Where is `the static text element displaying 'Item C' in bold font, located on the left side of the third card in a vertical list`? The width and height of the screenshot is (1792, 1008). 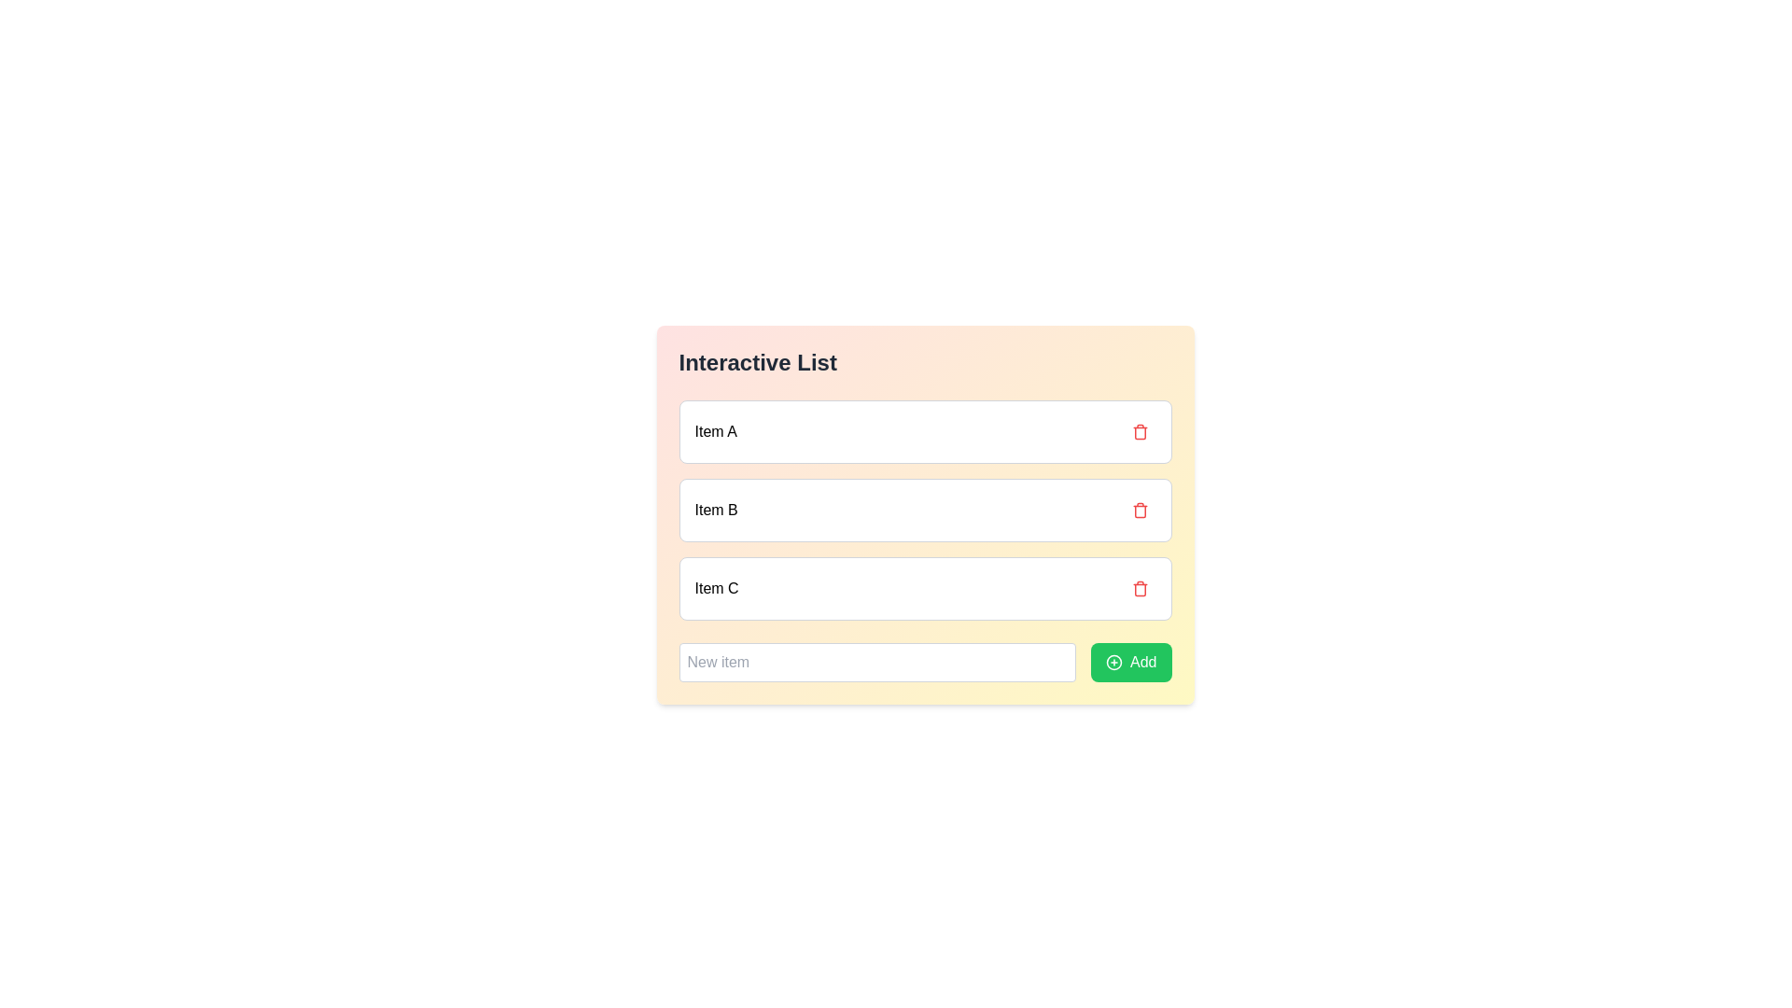
the static text element displaying 'Item C' in bold font, located on the left side of the third card in a vertical list is located at coordinates (716, 589).